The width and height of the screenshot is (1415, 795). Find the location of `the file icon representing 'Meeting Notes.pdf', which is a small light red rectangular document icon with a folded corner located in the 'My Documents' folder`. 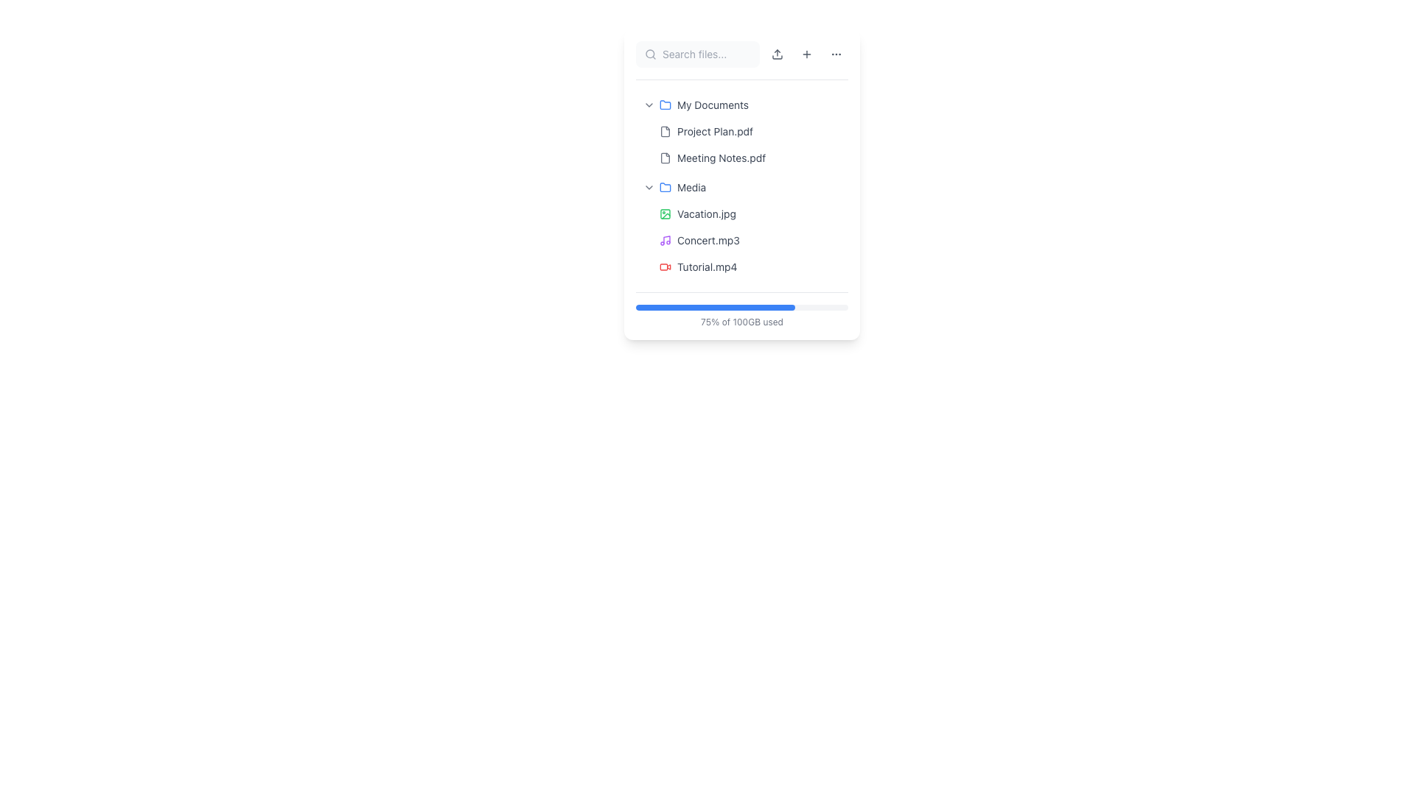

the file icon representing 'Meeting Notes.pdf', which is a small light red rectangular document icon with a folded corner located in the 'My Documents' folder is located at coordinates (664, 158).